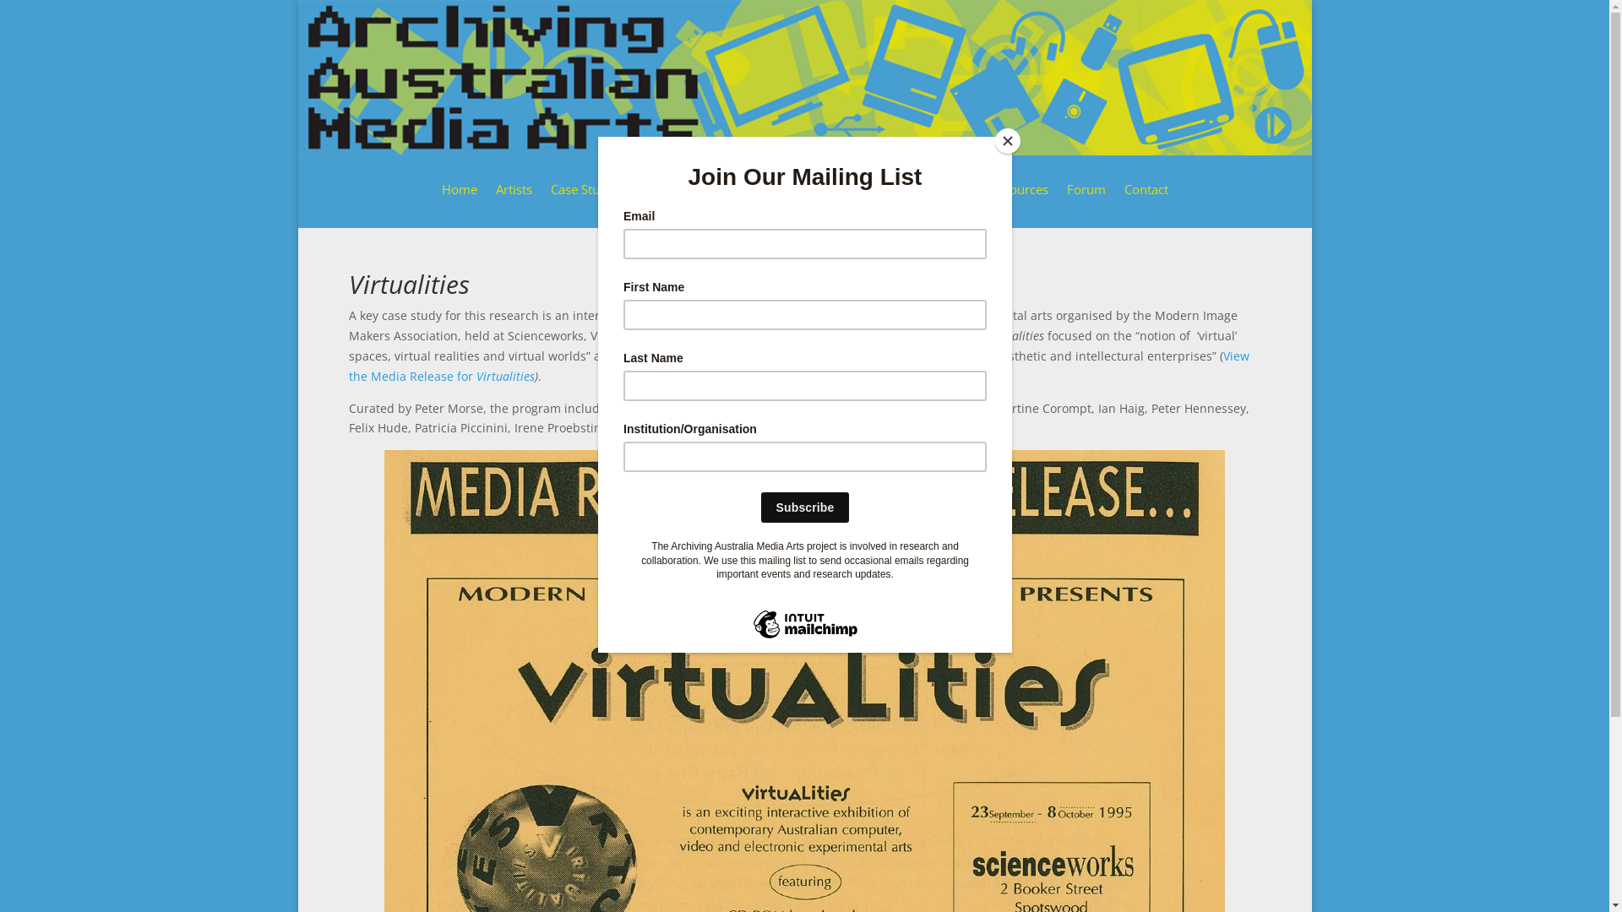  I want to click on 'Resources', so click(988, 200).